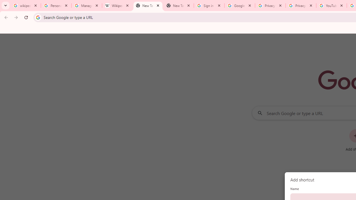  I want to click on 'Wikipedia:Edit requests - Wikipedia', so click(117, 6).